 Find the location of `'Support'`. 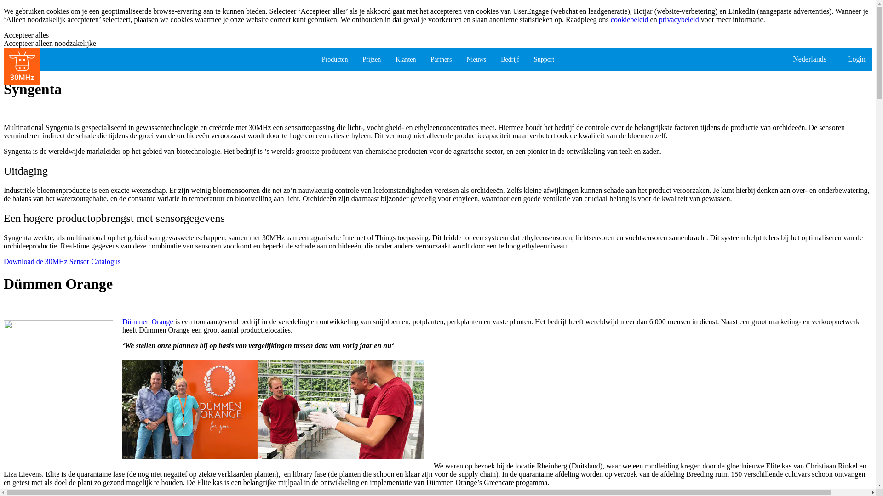

'Support' is located at coordinates (544, 60).